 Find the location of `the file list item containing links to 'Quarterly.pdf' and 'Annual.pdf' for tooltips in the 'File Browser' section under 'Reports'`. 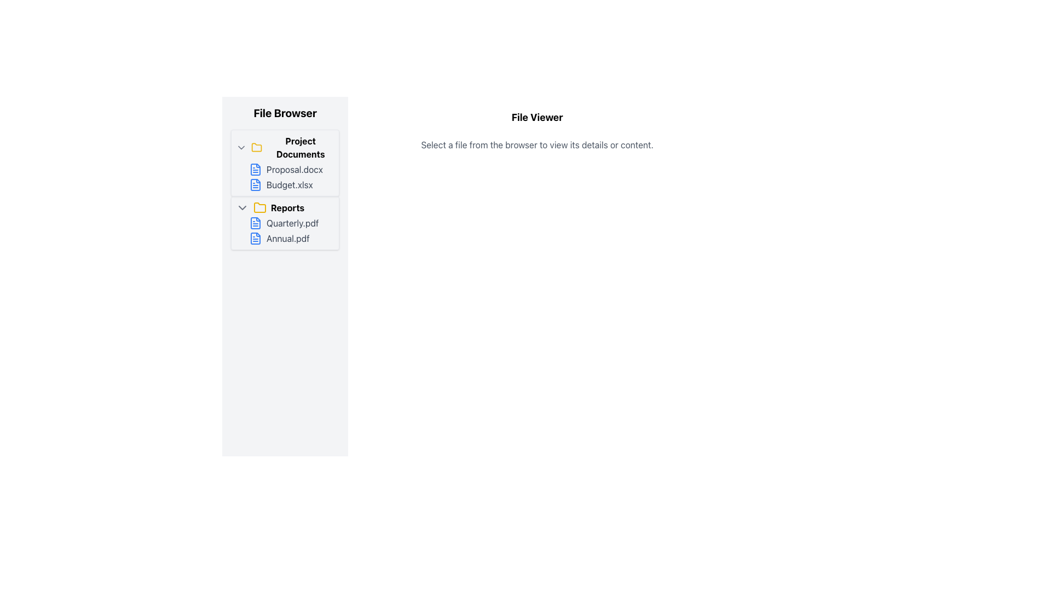

the file list item containing links to 'Quarterly.pdf' and 'Annual.pdf' for tooltips in the 'File Browser' section under 'Reports' is located at coordinates (292, 230).